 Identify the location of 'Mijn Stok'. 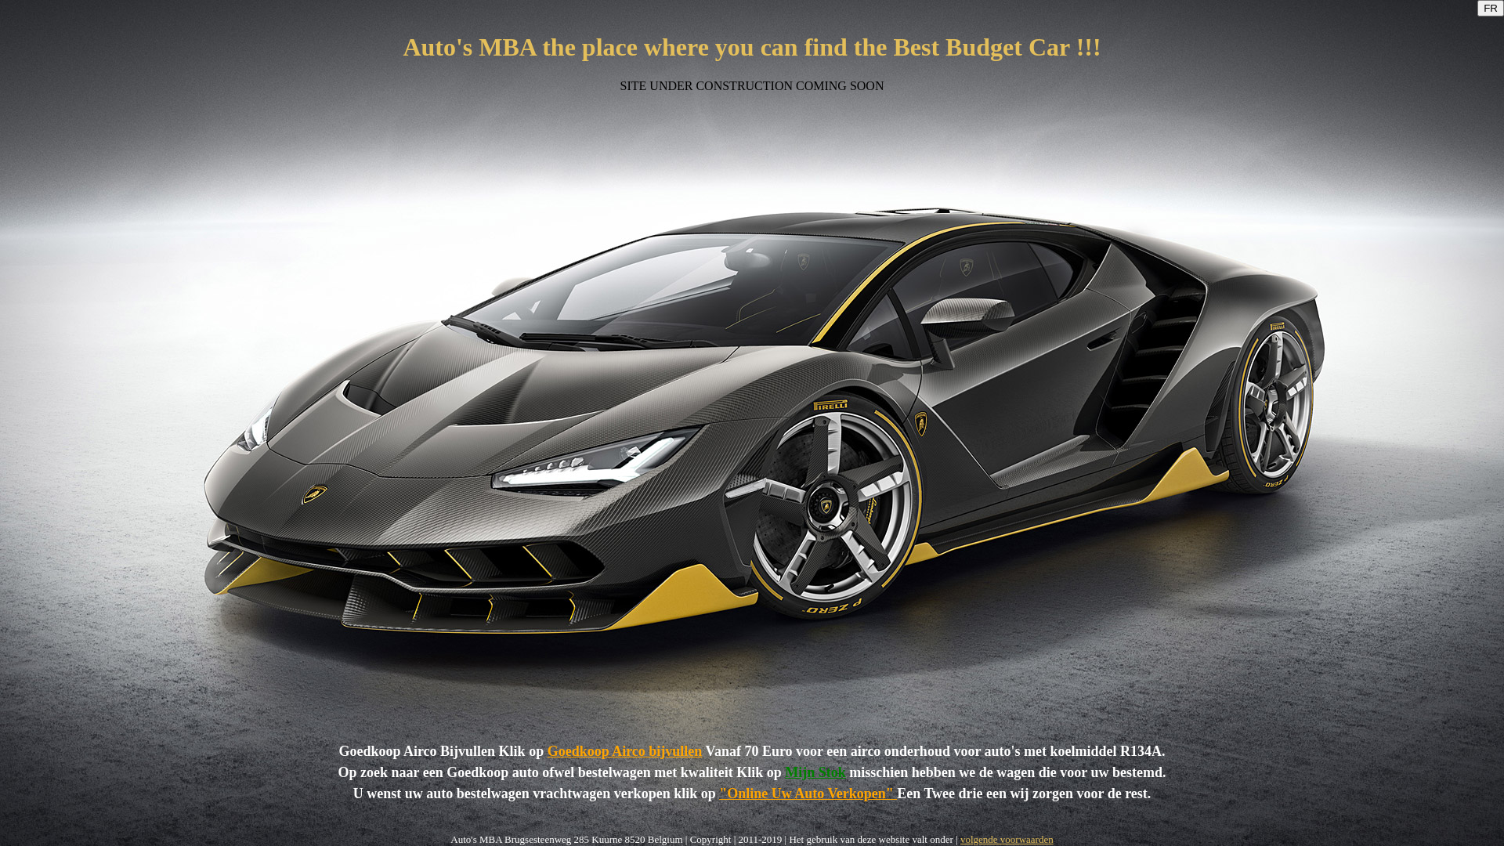
(785, 772).